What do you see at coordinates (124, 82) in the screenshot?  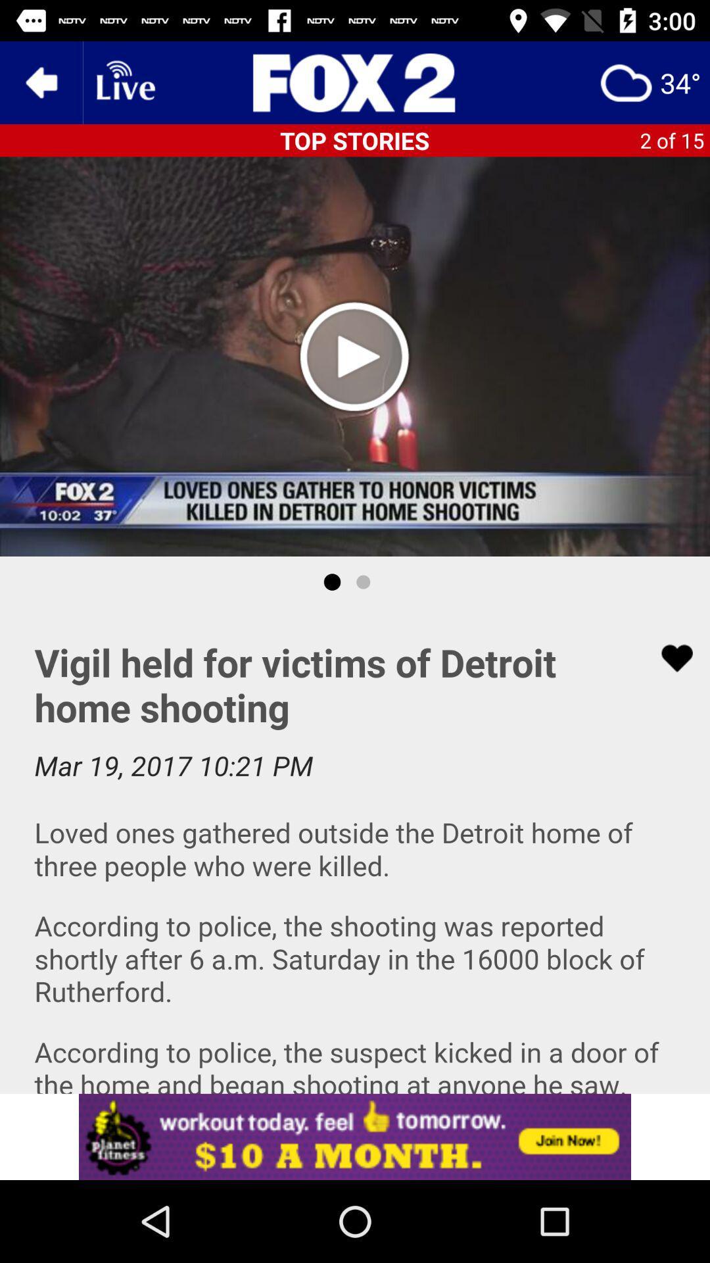 I see `show live broadcast button` at bounding box center [124, 82].